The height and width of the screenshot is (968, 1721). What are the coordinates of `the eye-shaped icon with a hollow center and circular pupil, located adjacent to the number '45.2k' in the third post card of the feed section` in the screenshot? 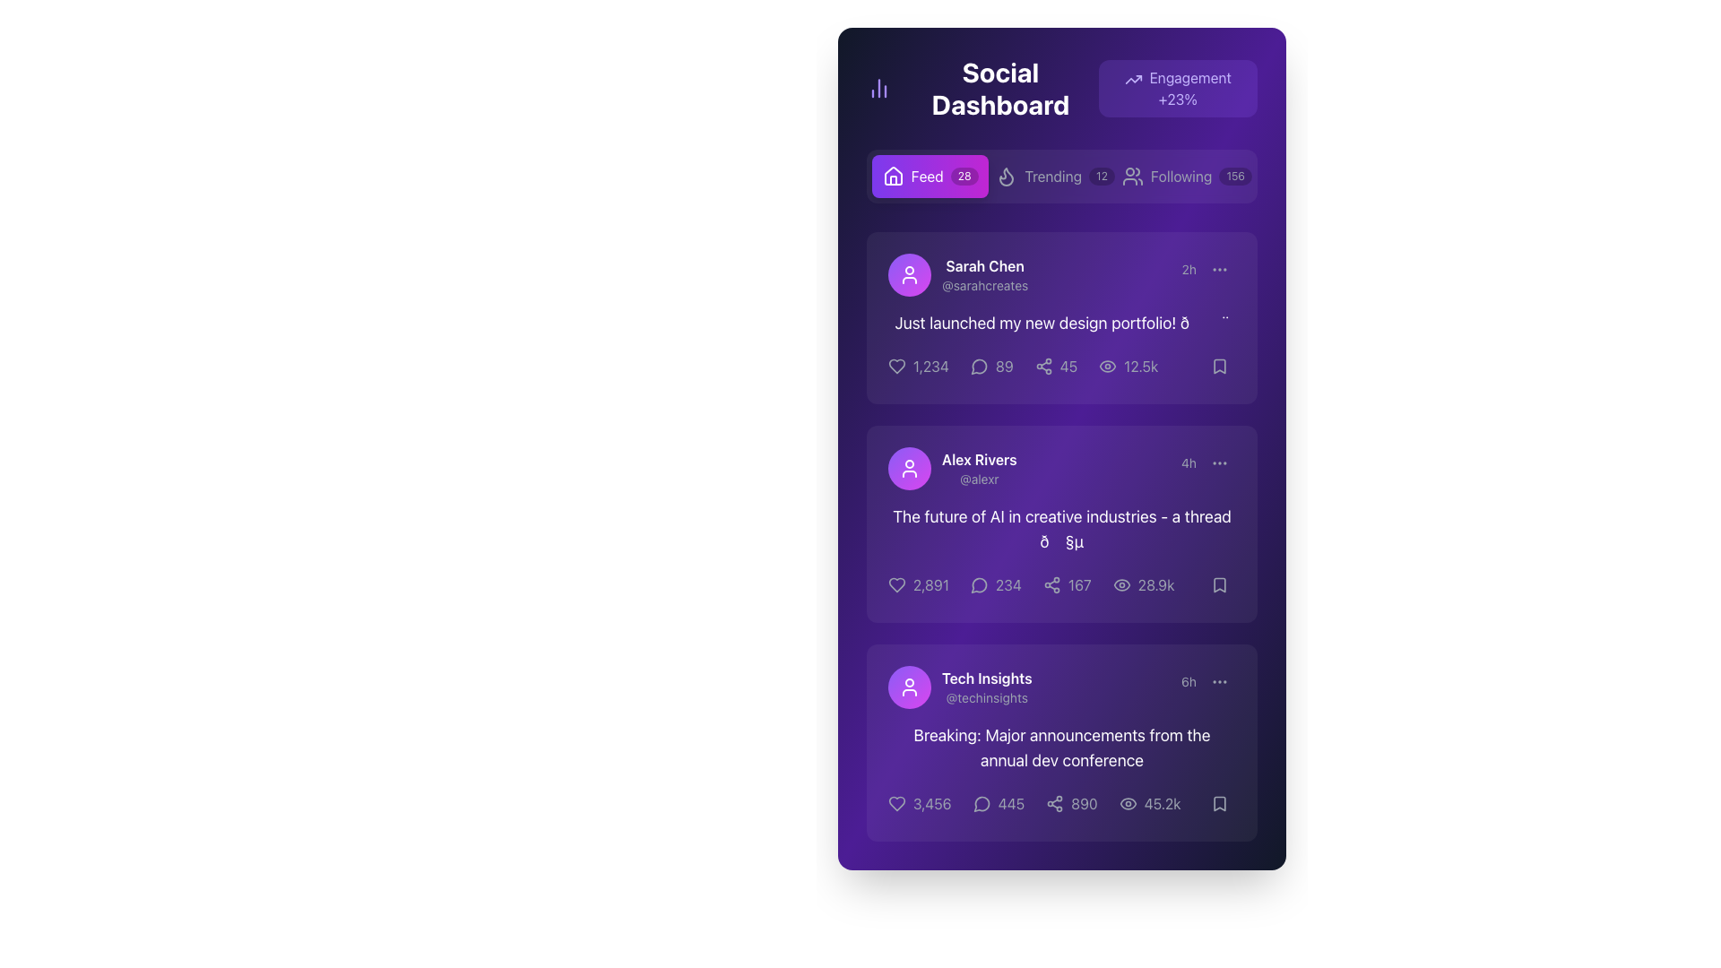 It's located at (1127, 803).